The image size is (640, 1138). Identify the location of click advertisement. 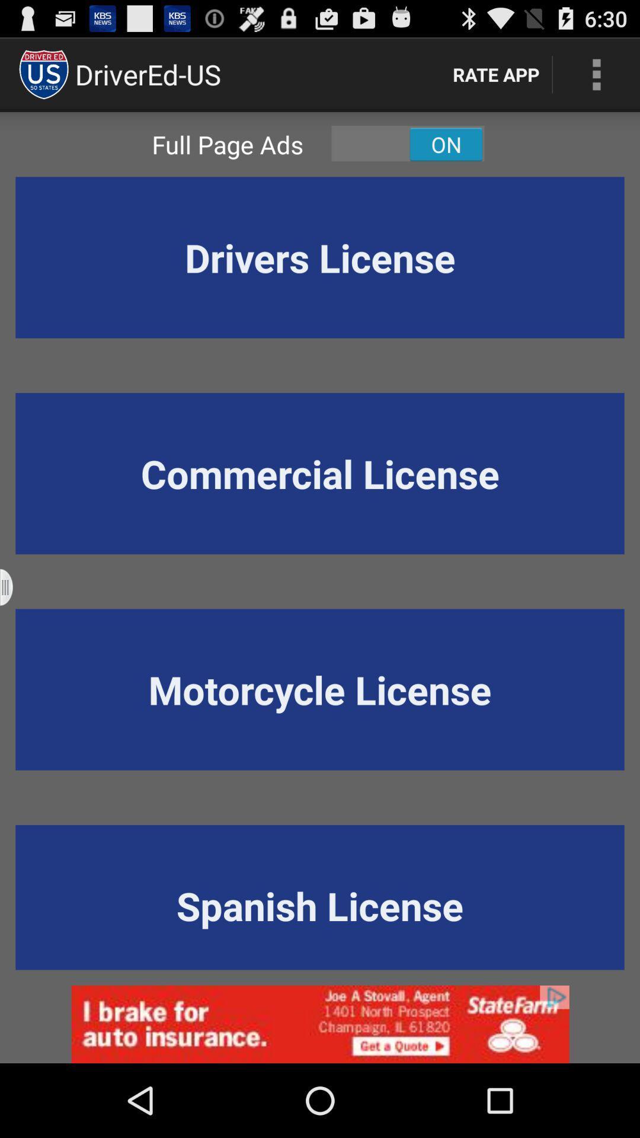
(320, 1024).